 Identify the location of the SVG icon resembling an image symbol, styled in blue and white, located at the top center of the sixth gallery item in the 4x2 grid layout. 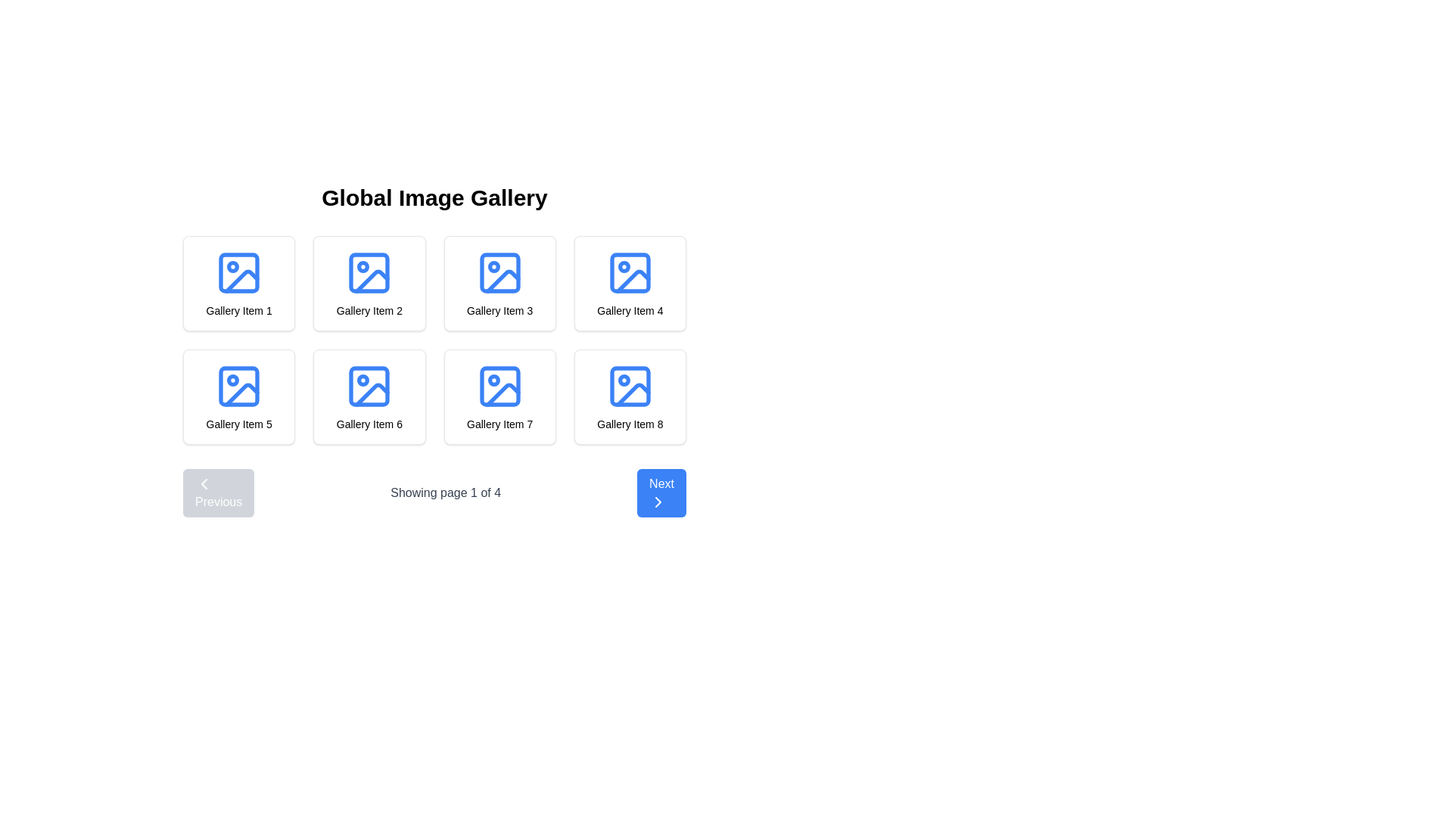
(369, 385).